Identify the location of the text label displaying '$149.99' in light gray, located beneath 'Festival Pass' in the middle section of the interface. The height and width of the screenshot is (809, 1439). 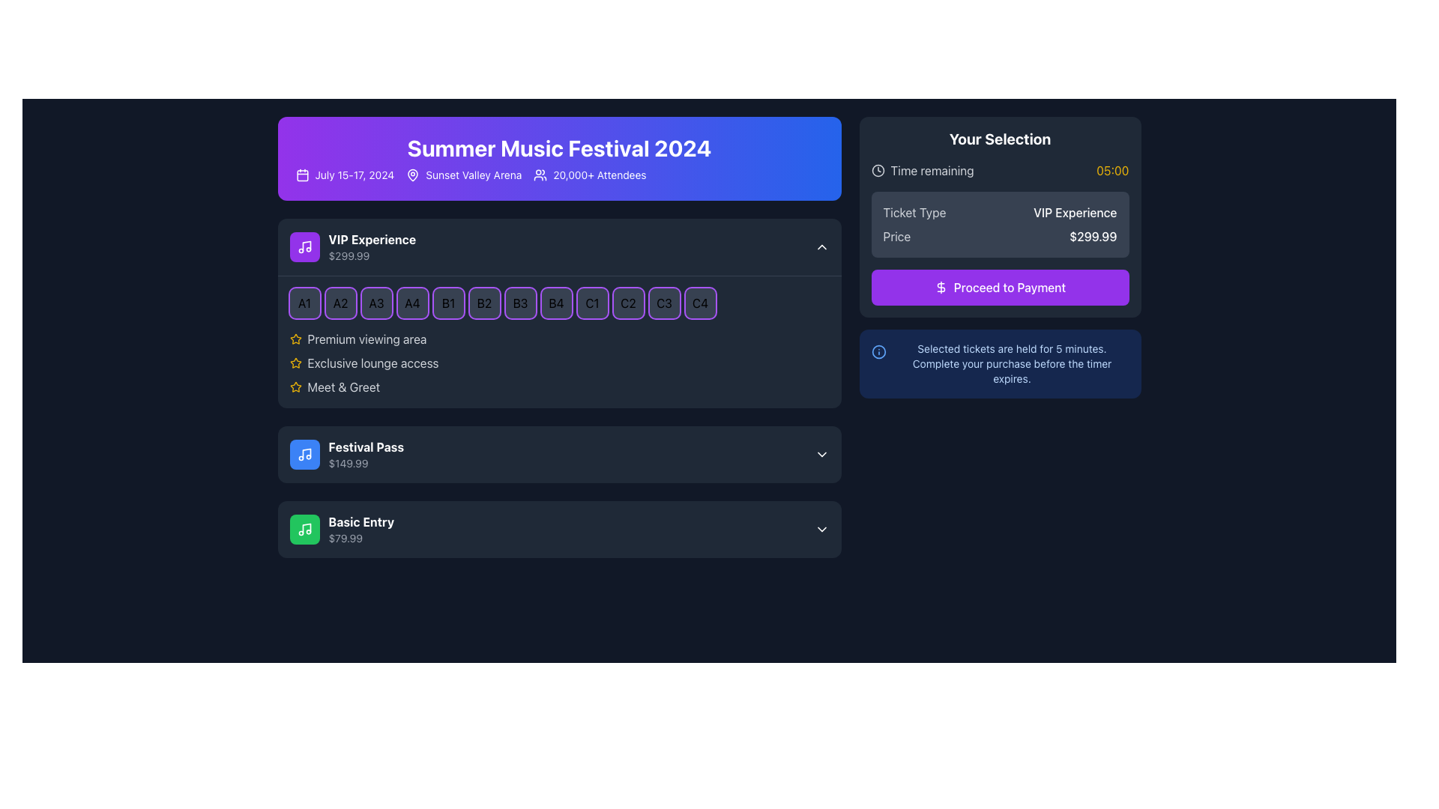
(366, 462).